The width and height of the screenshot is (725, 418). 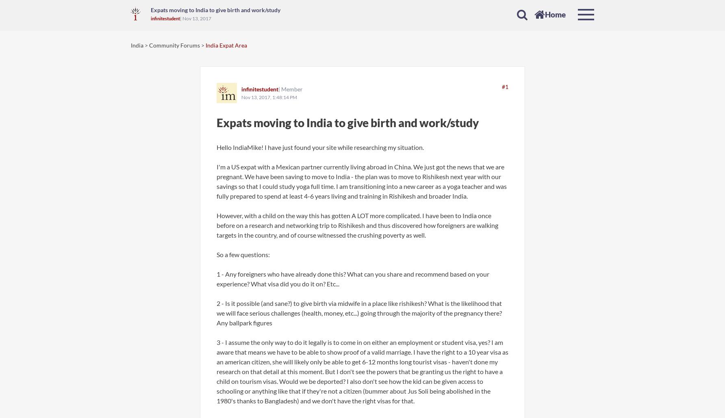 What do you see at coordinates (278, 89) in the screenshot?
I see `'| Member'` at bounding box center [278, 89].